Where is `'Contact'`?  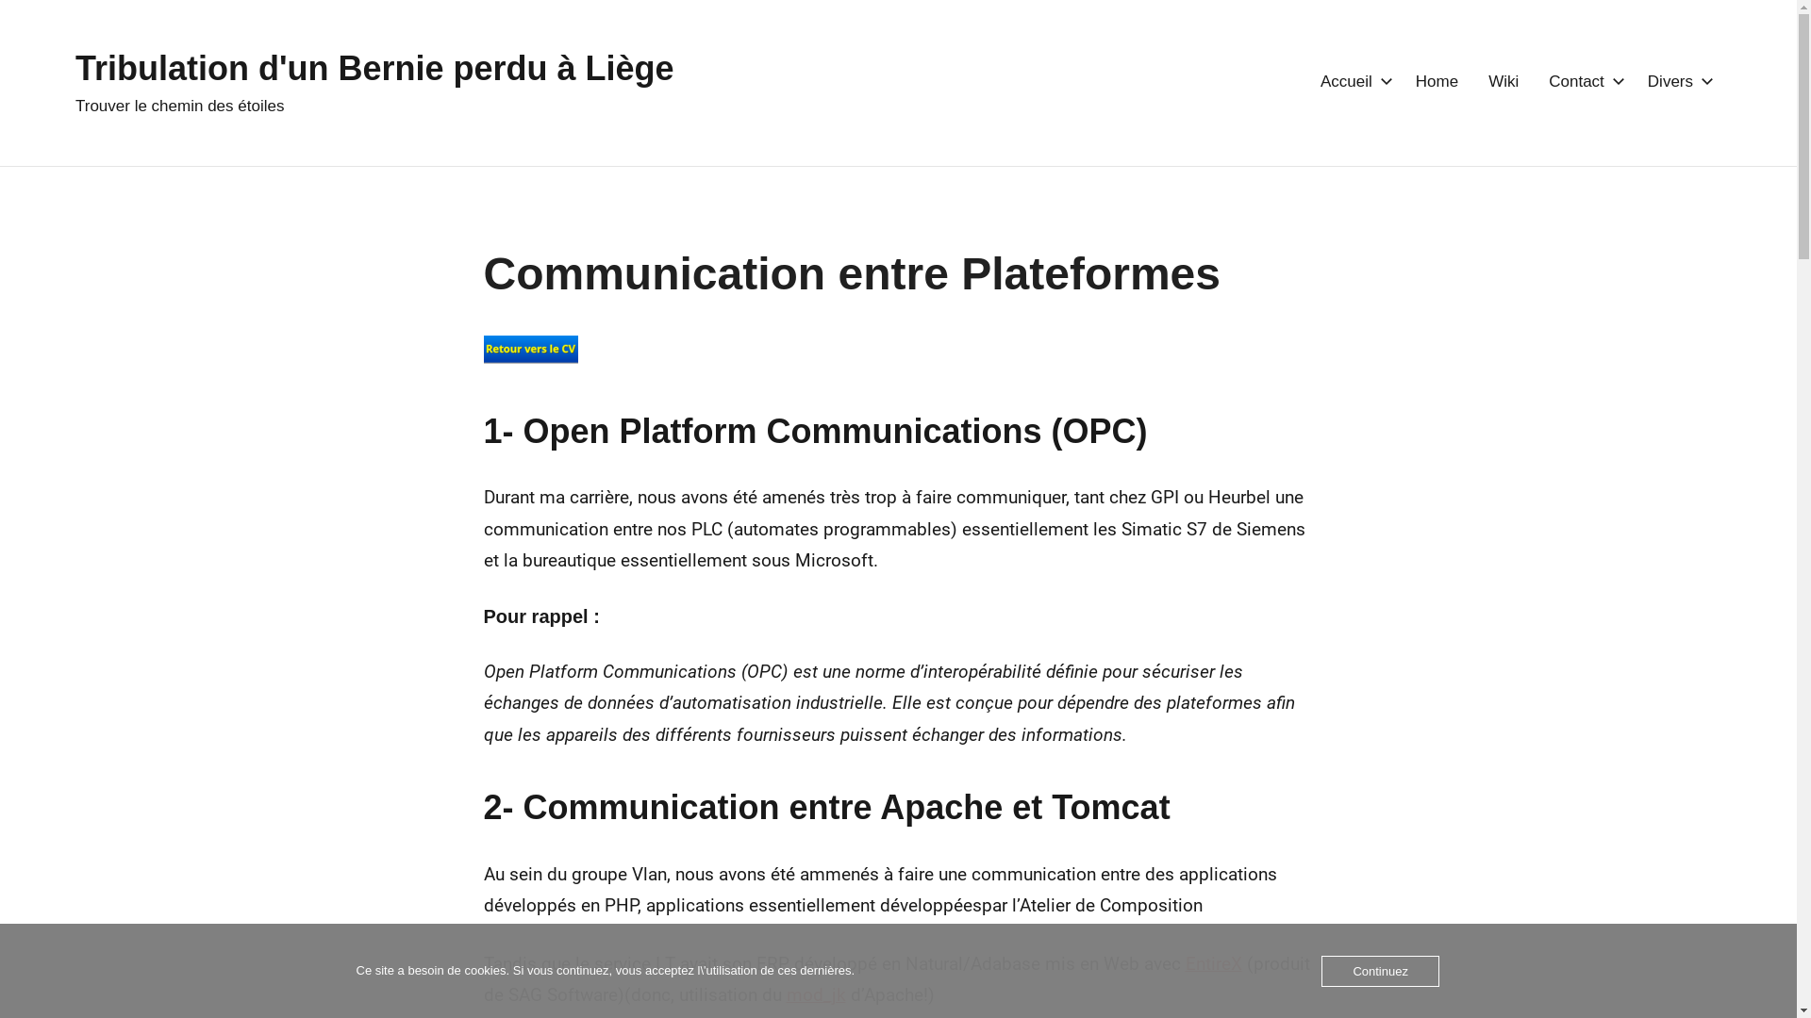
'Contact' is located at coordinates (1548, 81).